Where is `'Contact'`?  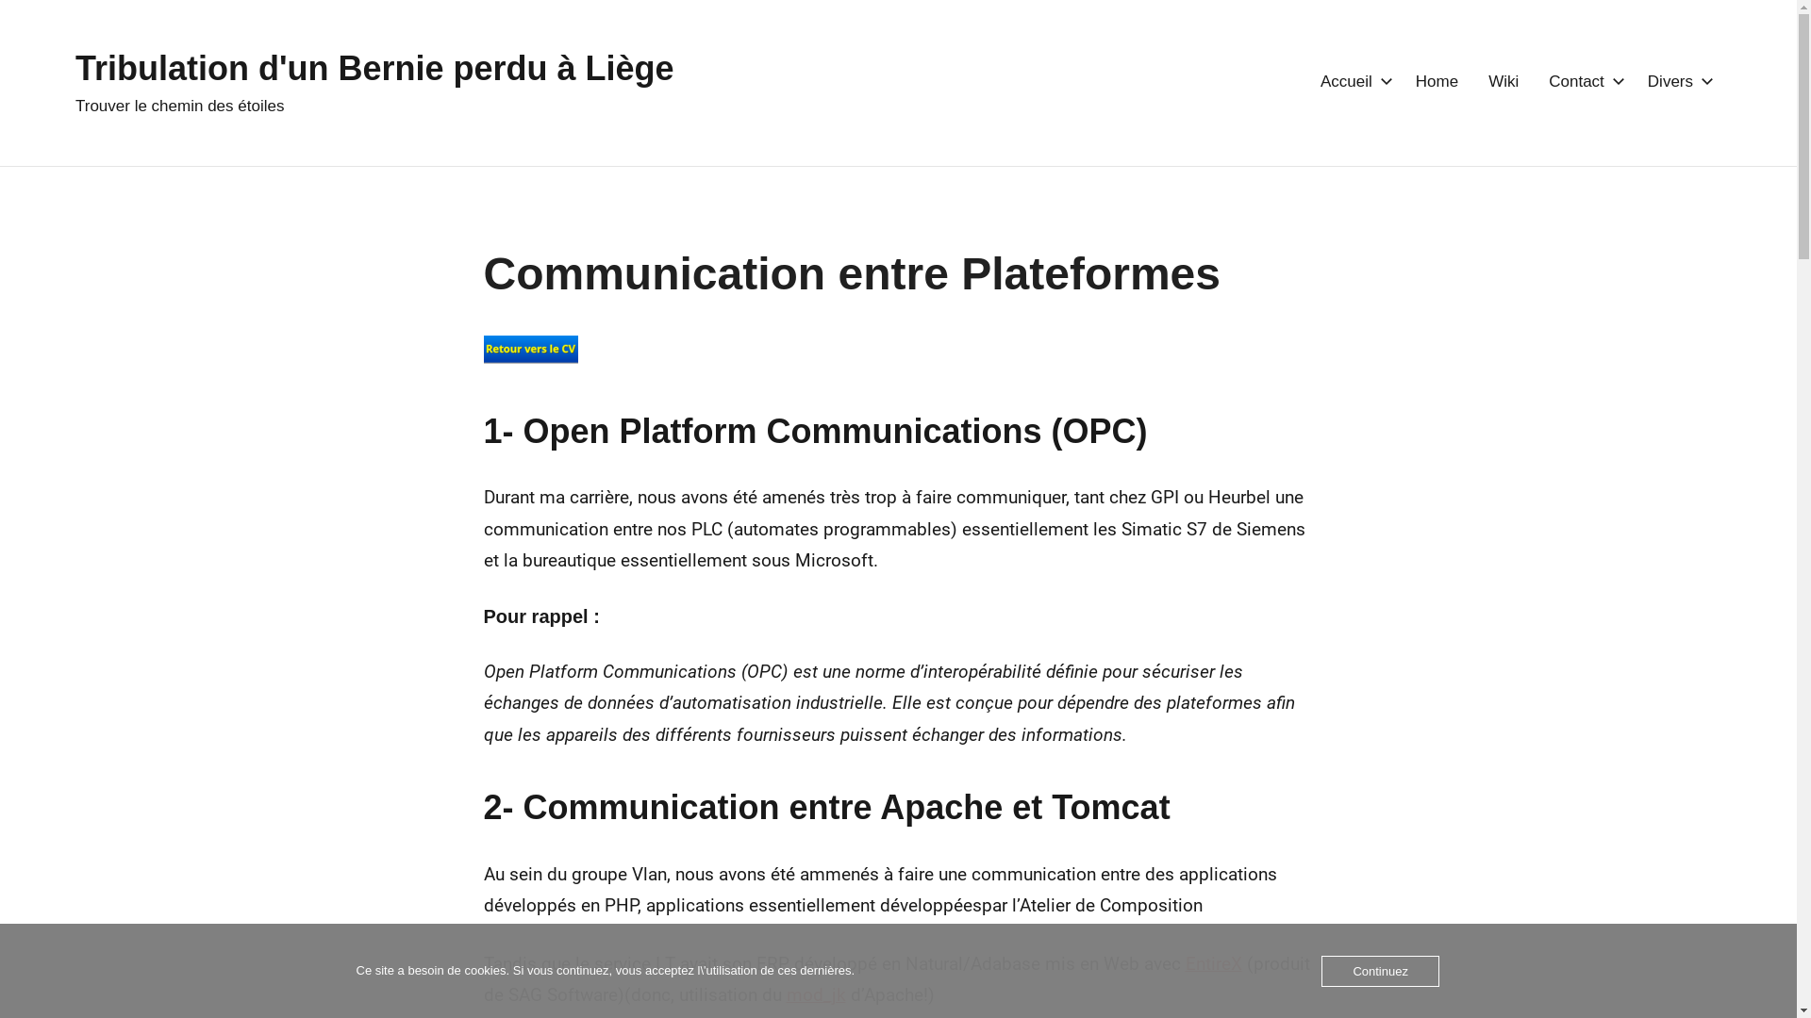
'Contact' is located at coordinates (1548, 81).